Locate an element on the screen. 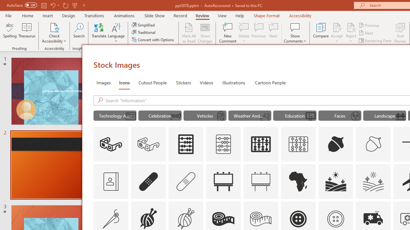 Image resolution: width=410 pixels, height=230 pixels. 'Illustrations' is located at coordinates (234, 82).